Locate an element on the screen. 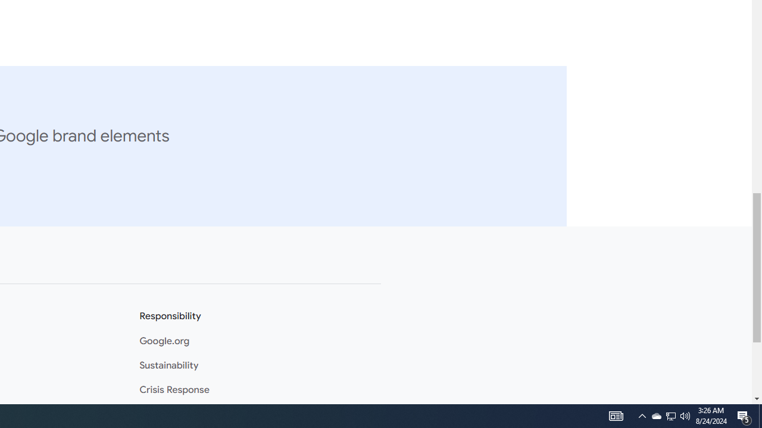  'Google.org' is located at coordinates (164, 341).